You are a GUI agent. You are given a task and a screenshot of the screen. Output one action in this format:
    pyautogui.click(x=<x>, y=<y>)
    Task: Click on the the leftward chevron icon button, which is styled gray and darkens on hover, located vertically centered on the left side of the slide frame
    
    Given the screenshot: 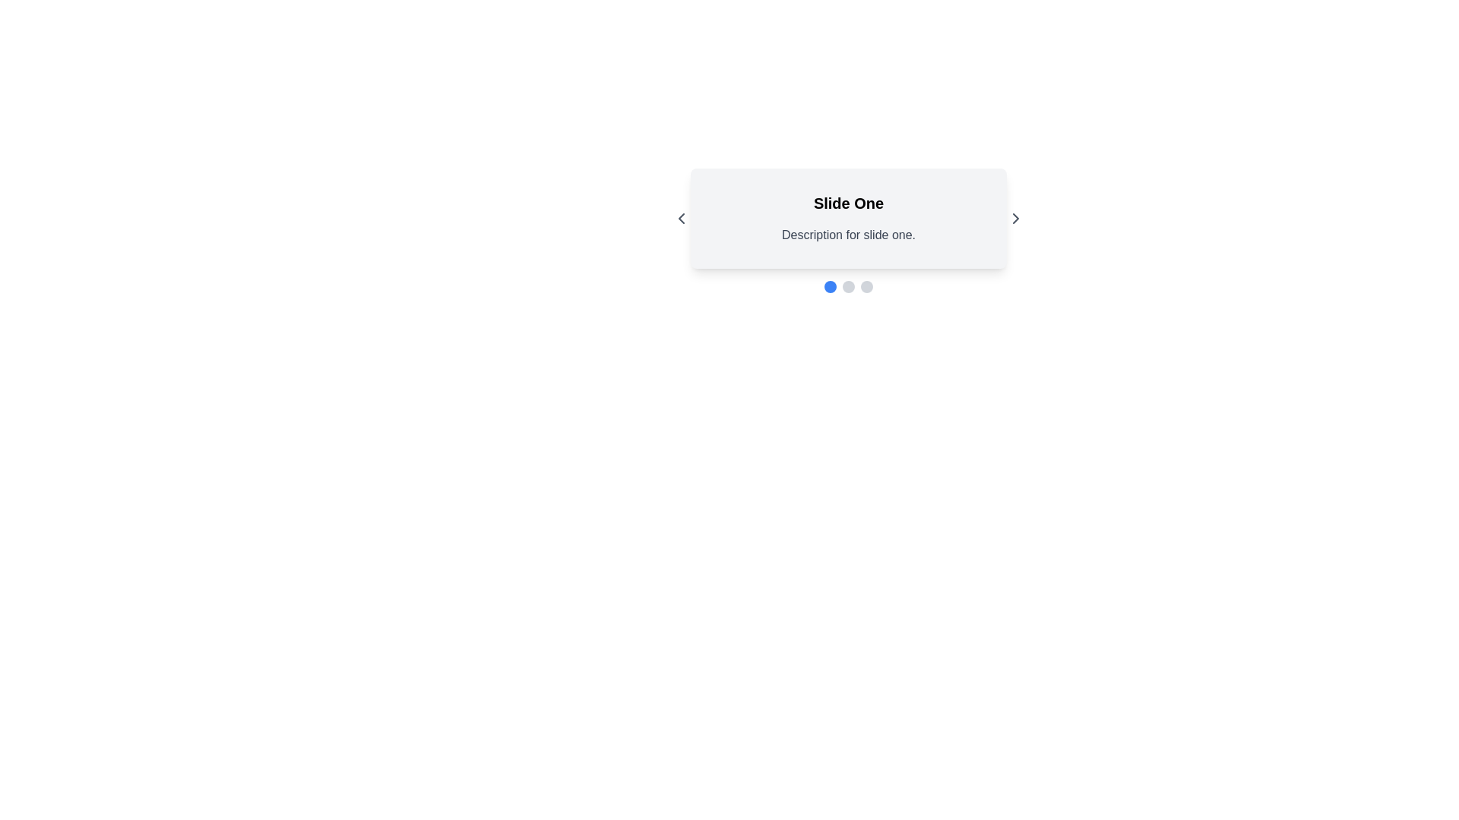 What is the action you would take?
    pyautogui.click(x=681, y=219)
    